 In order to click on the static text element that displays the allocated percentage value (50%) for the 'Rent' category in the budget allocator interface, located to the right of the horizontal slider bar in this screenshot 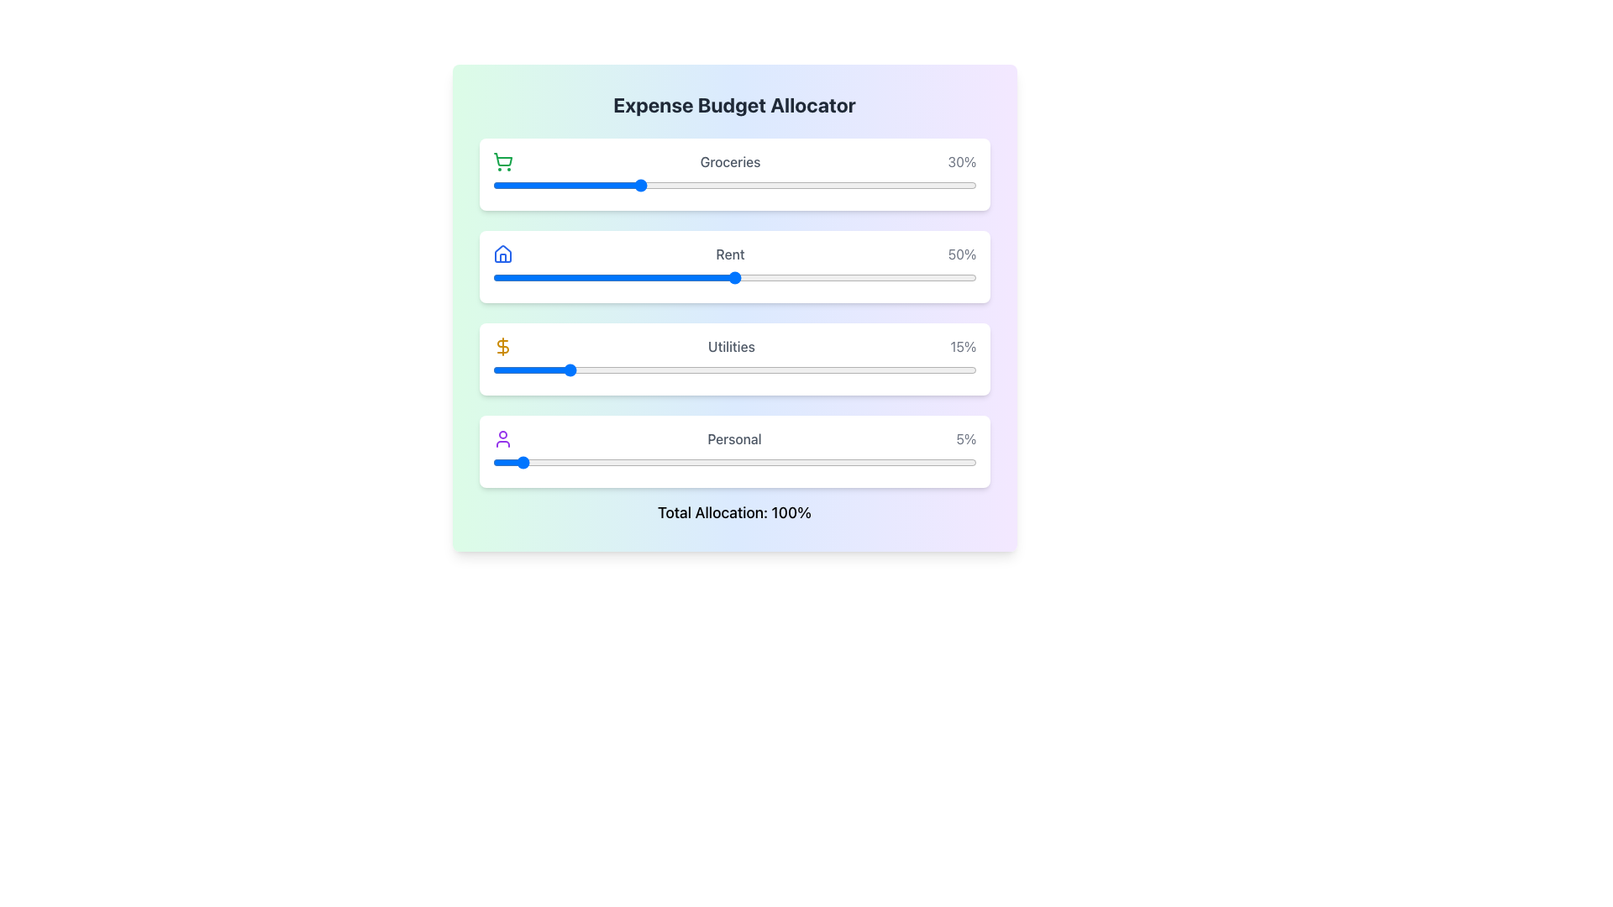, I will do `click(962, 254)`.